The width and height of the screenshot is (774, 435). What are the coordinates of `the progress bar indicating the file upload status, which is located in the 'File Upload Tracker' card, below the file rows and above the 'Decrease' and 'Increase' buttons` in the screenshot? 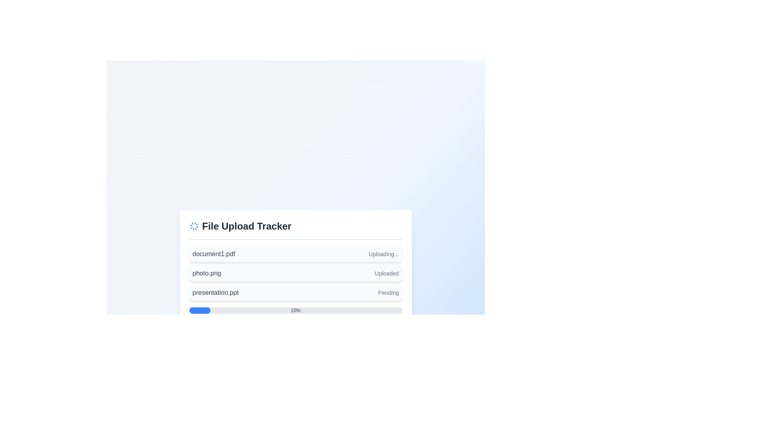 It's located at (295, 310).